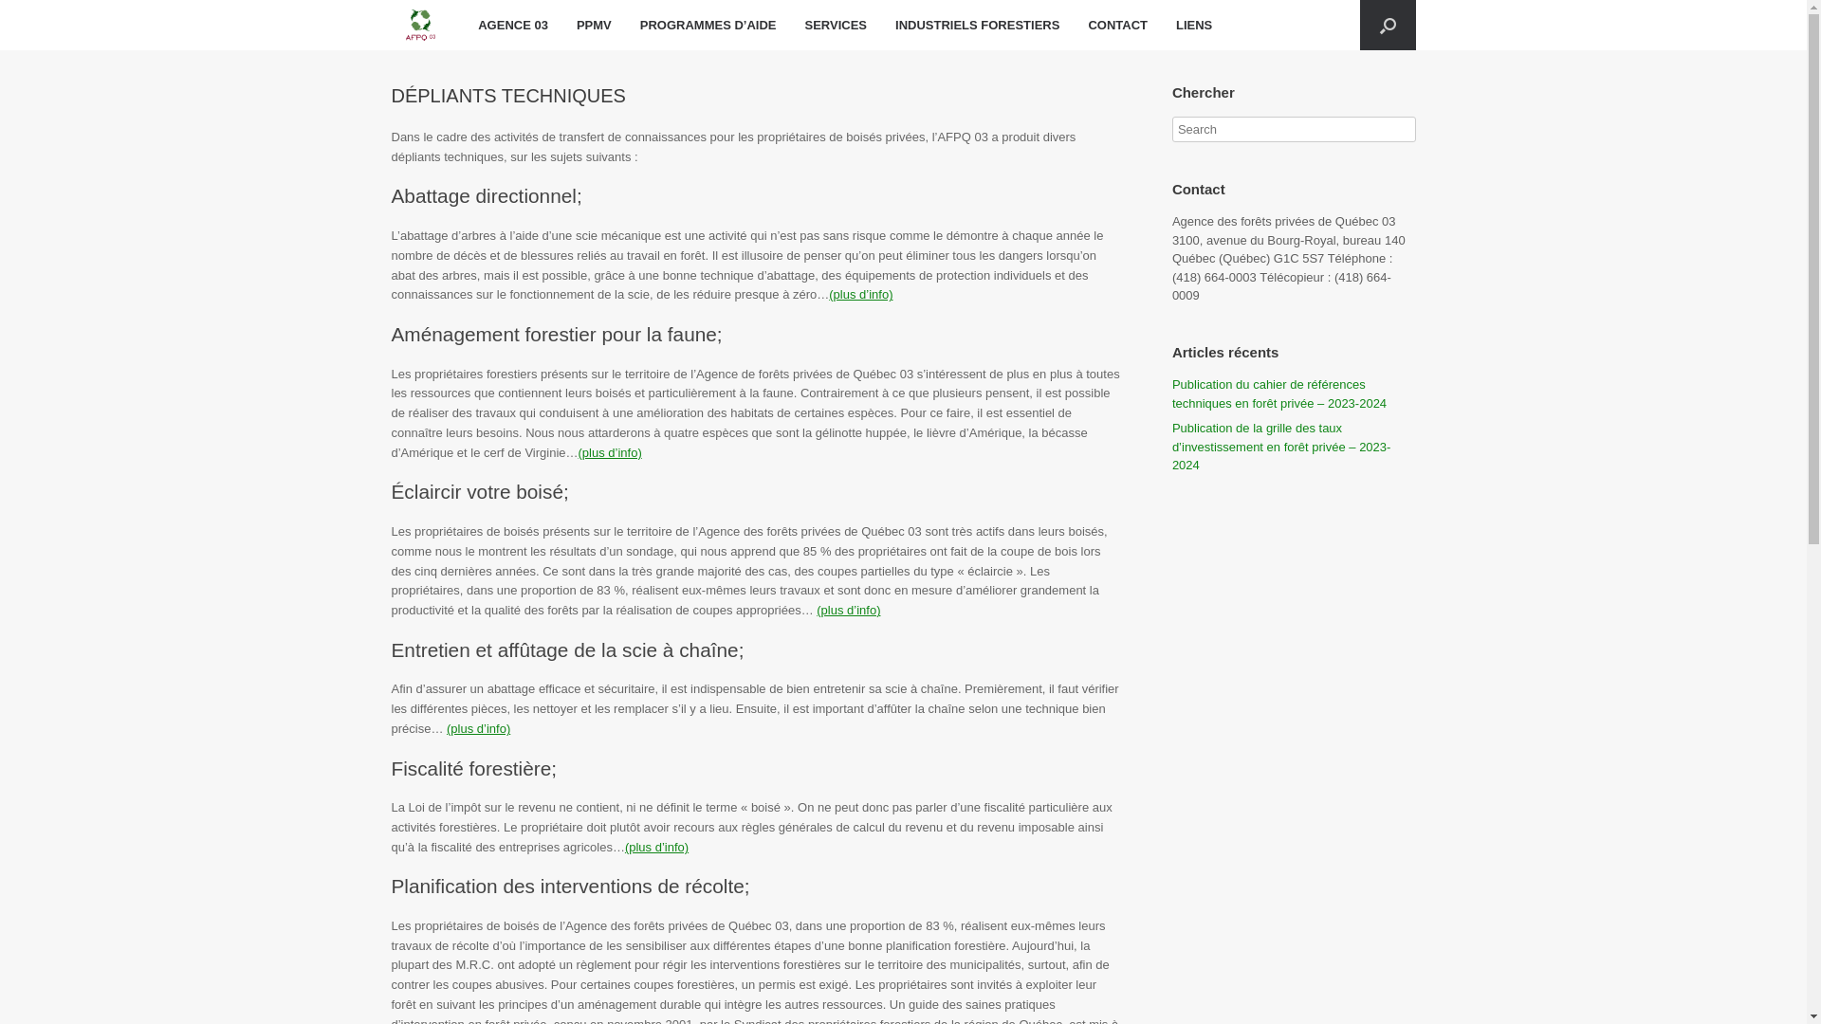  What do you see at coordinates (1192, 25) in the screenshot?
I see `'LIENS'` at bounding box center [1192, 25].